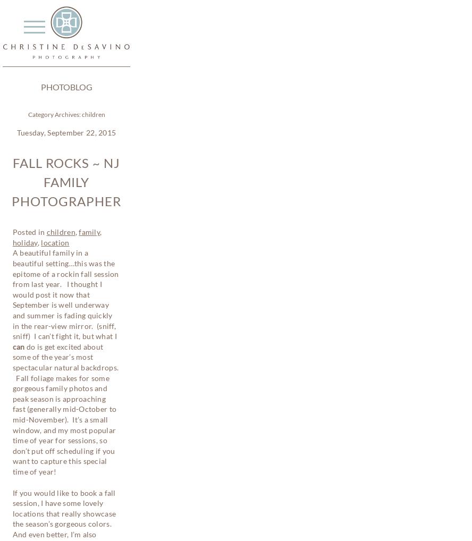 Image resolution: width=472 pixels, height=541 pixels. Describe the element at coordinates (12, 231) in the screenshot. I see `'Posted in'` at that location.